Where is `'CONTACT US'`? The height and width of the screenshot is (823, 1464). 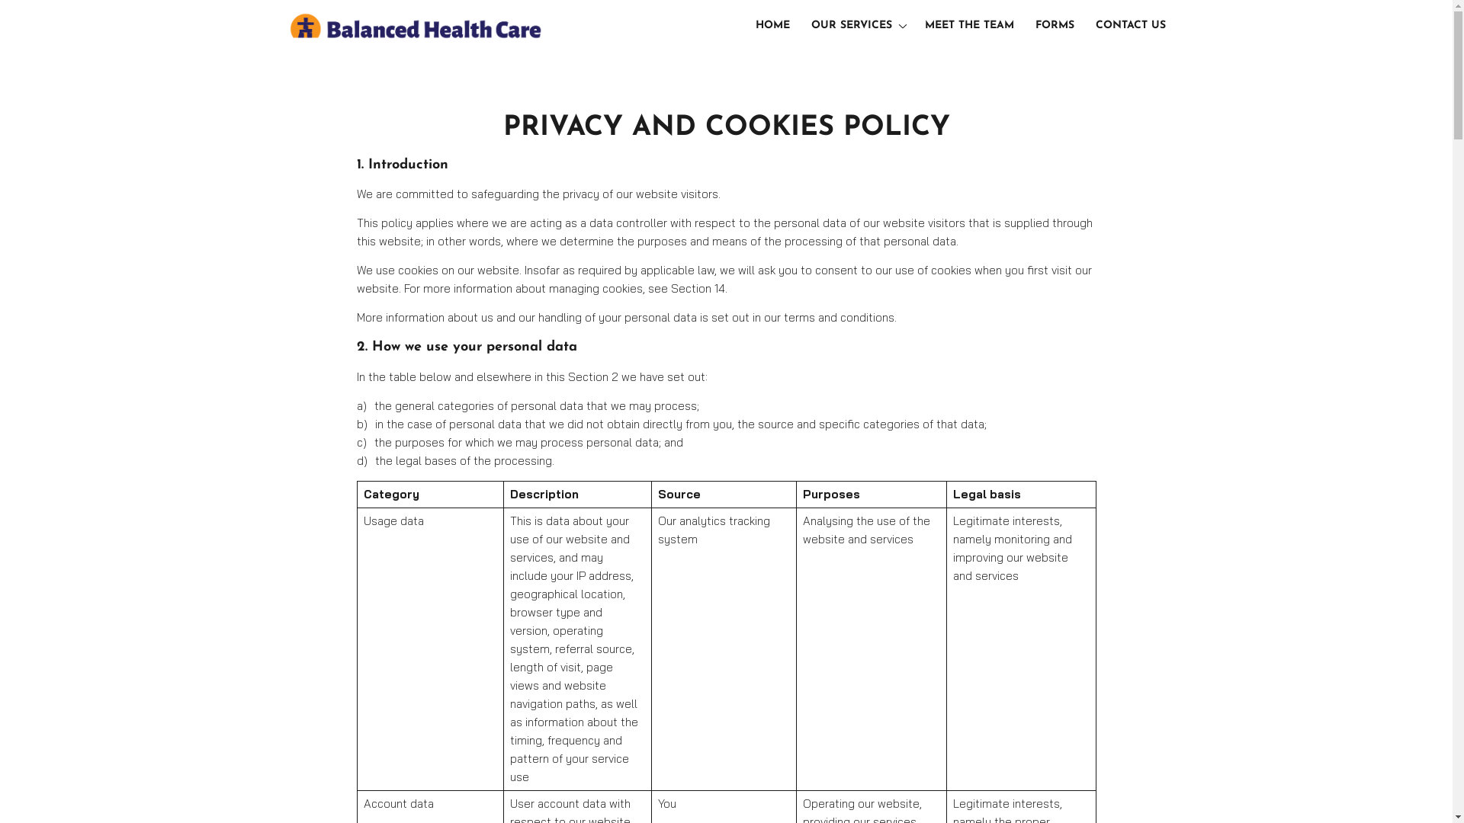
'CONTACT US' is located at coordinates (1131, 26).